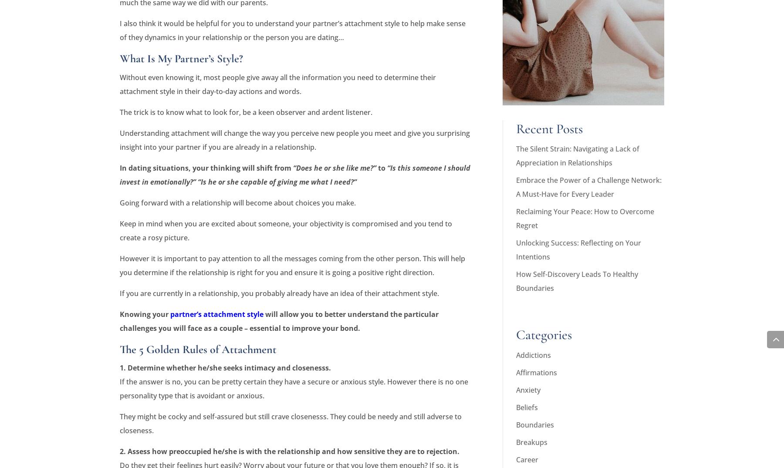 Image resolution: width=784 pixels, height=468 pixels. What do you see at coordinates (294, 139) in the screenshot?
I see `'Understanding attachment will change the way you perceive new people you meet and give you surprising insight into your partner if you are already in a relationship.'` at bounding box center [294, 139].